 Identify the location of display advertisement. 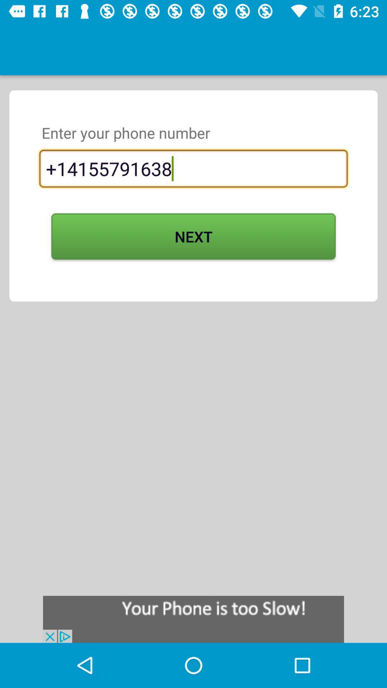
(193, 619).